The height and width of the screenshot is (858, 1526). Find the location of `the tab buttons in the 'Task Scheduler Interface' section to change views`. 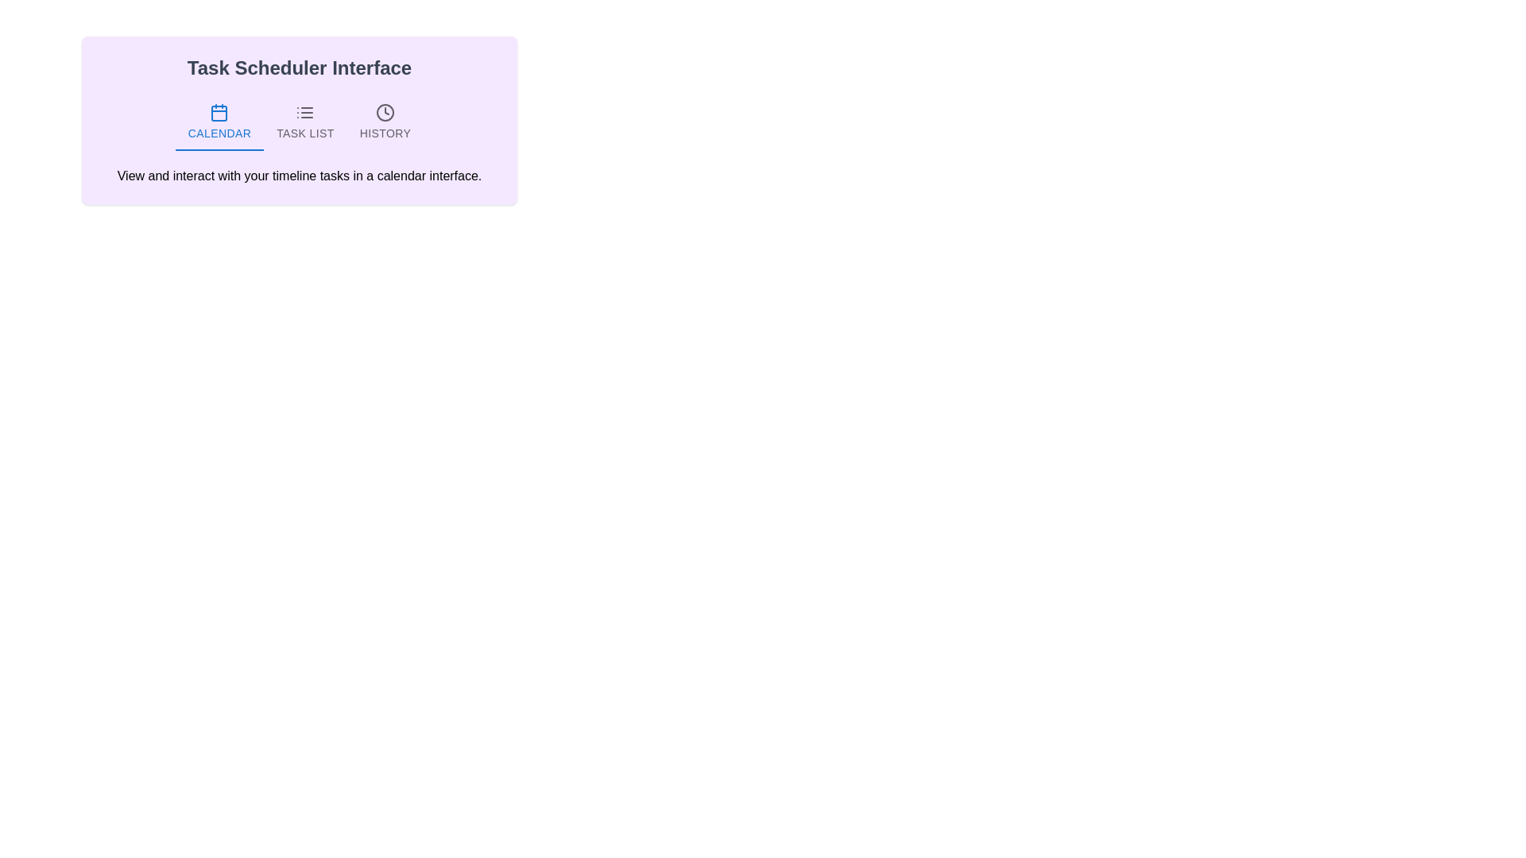

the tab buttons in the 'Task Scheduler Interface' section to change views is located at coordinates (300, 119).